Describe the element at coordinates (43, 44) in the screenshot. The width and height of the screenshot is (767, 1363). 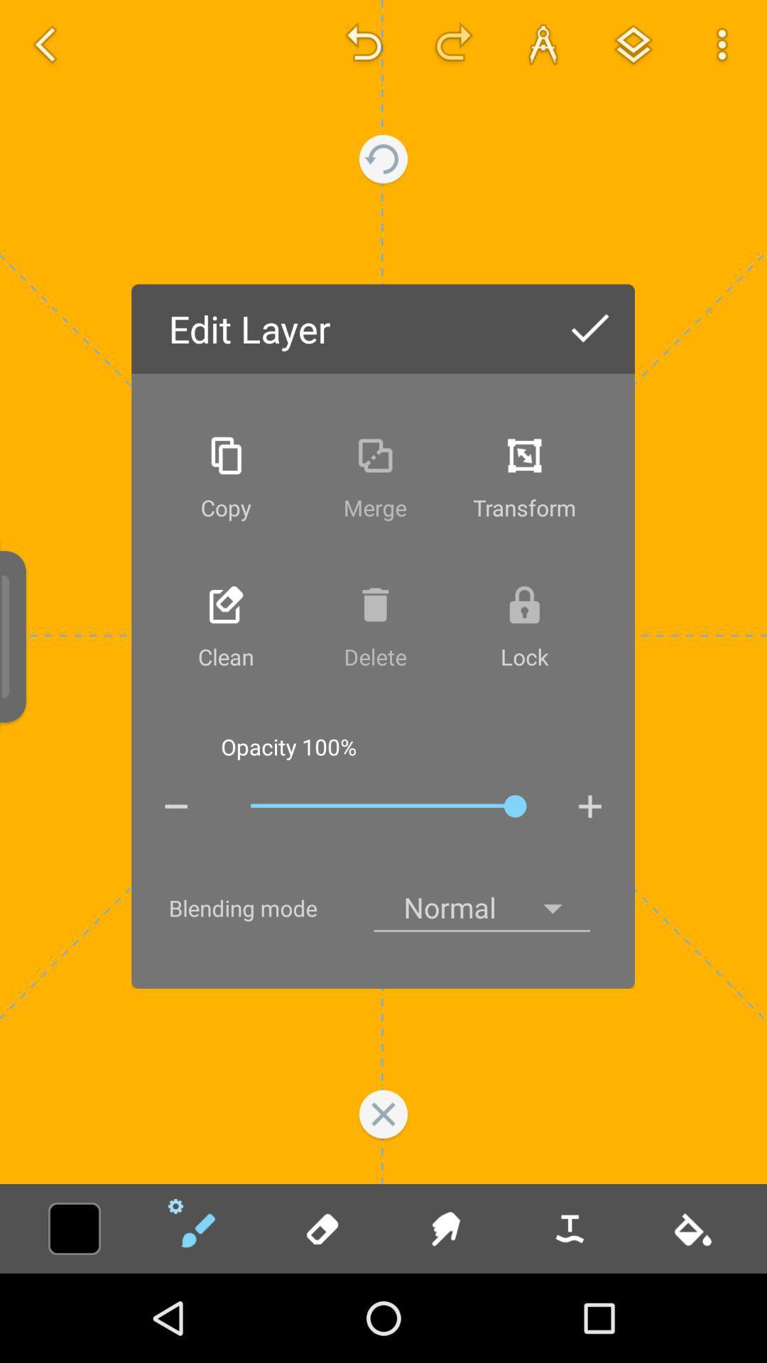
I see `the arrow_backward icon` at that location.